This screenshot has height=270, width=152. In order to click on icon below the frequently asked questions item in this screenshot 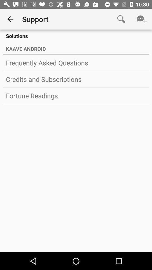, I will do `click(76, 79)`.